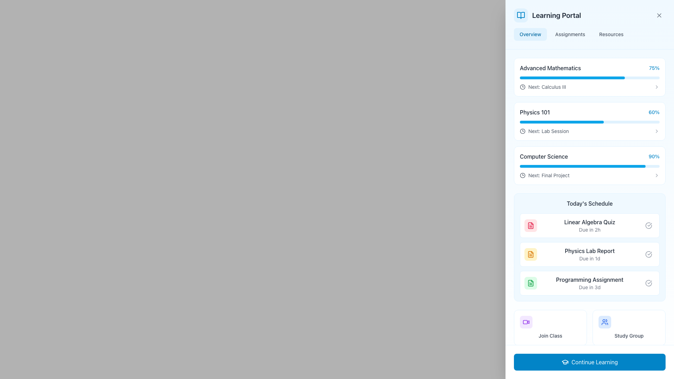 The height and width of the screenshot is (379, 674). Describe the element at coordinates (659, 15) in the screenshot. I see `the small circular 'X' icon in the top-right corner of the main interface` at that location.